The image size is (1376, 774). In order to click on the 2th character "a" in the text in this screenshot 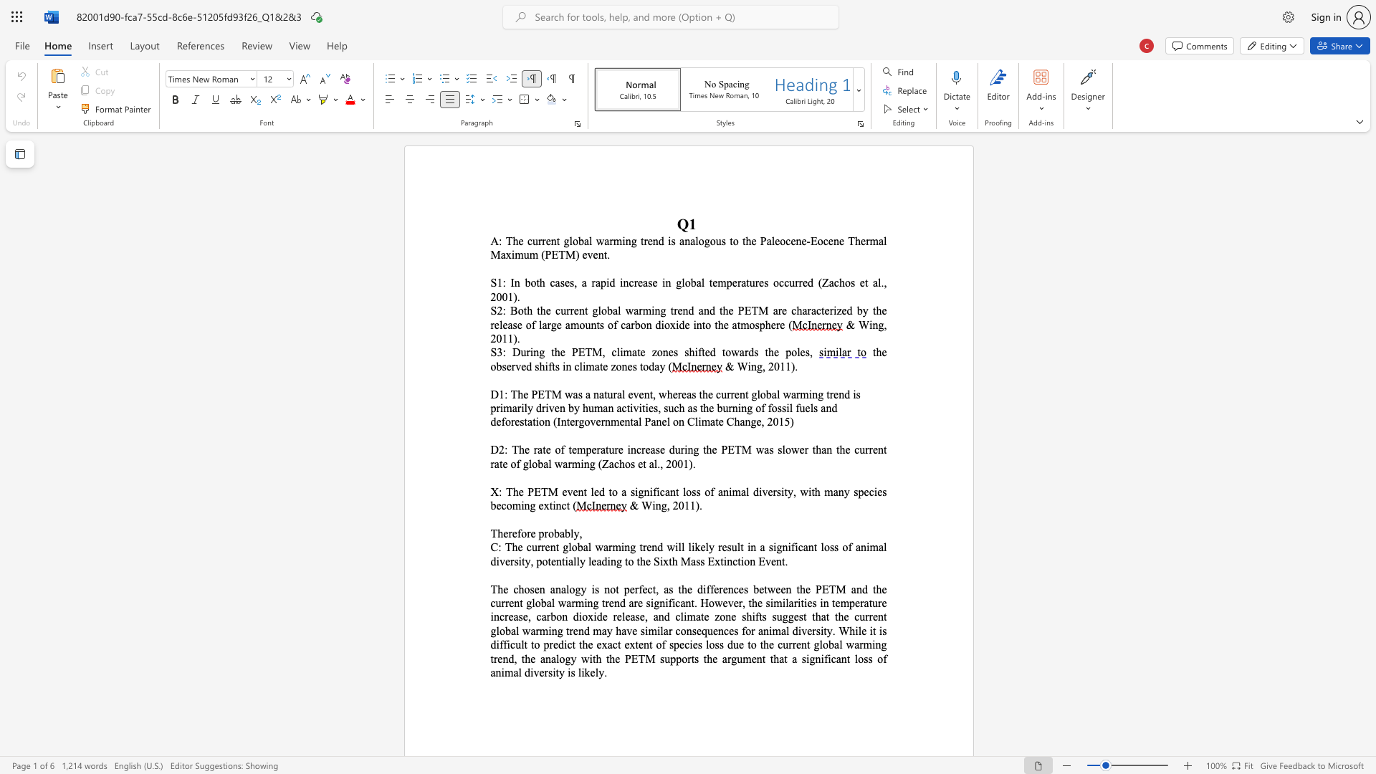, I will do `click(606, 547)`.